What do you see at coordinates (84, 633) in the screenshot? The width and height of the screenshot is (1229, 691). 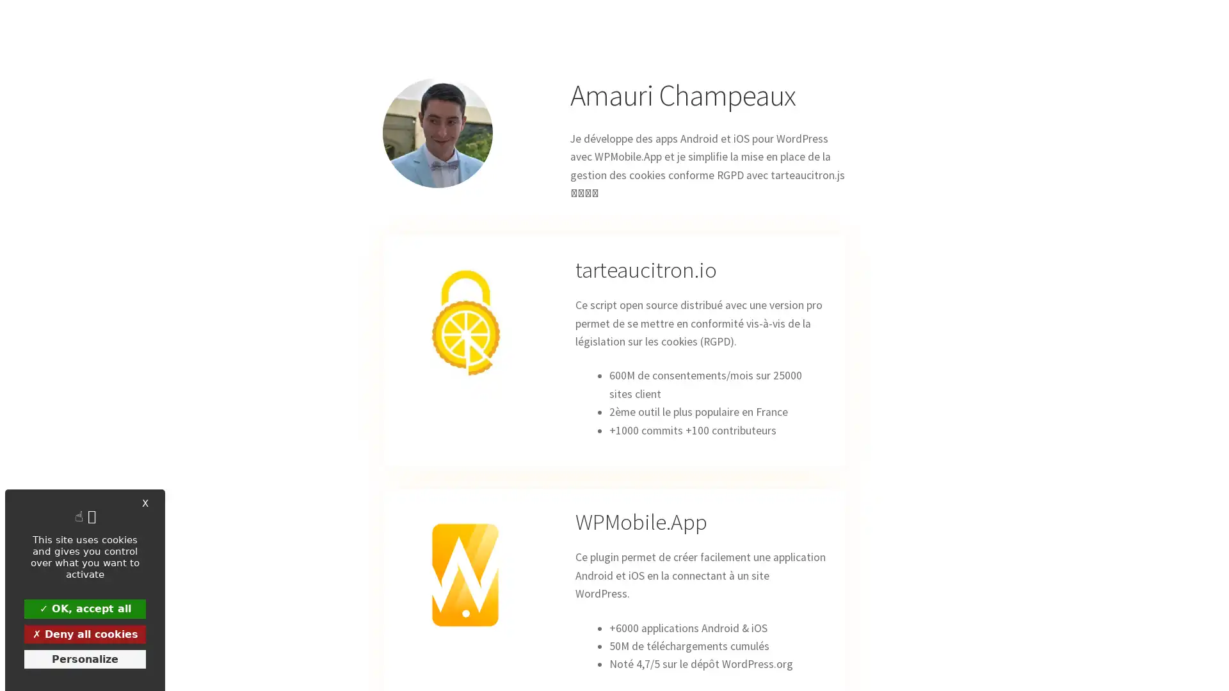 I see `Deny all cookies` at bounding box center [84, 633].